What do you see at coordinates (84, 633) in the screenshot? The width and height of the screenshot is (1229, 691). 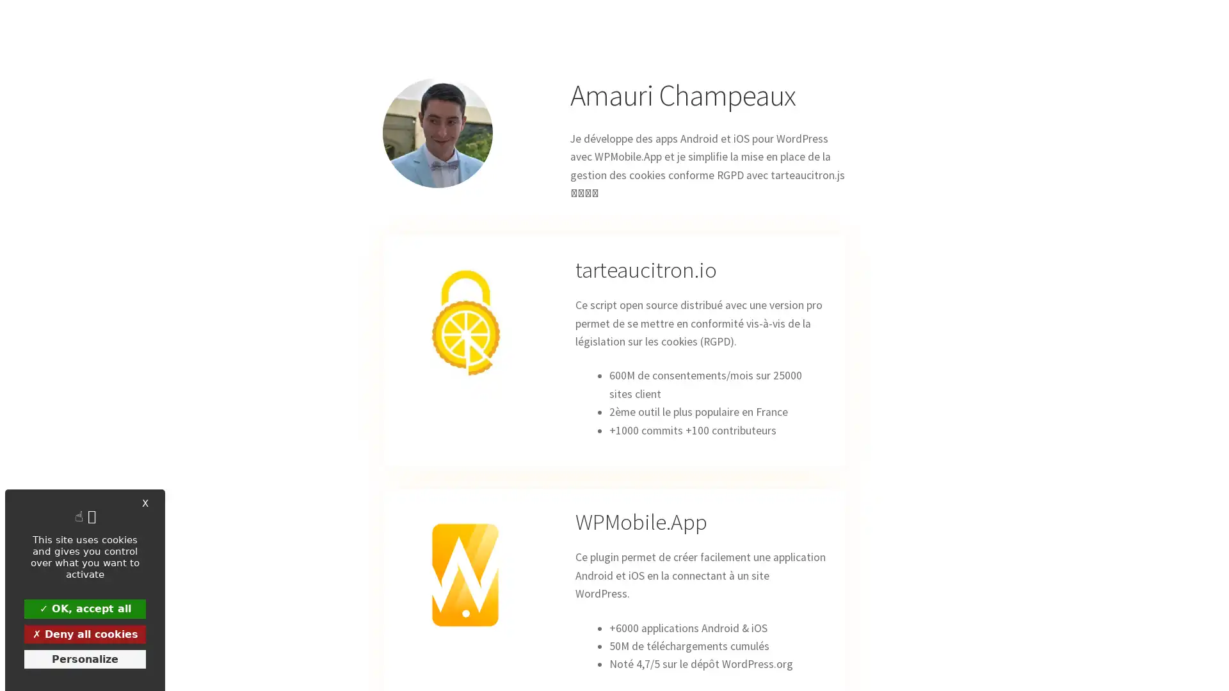 I see `Deny all cookies` at bounding box center [84, 633].